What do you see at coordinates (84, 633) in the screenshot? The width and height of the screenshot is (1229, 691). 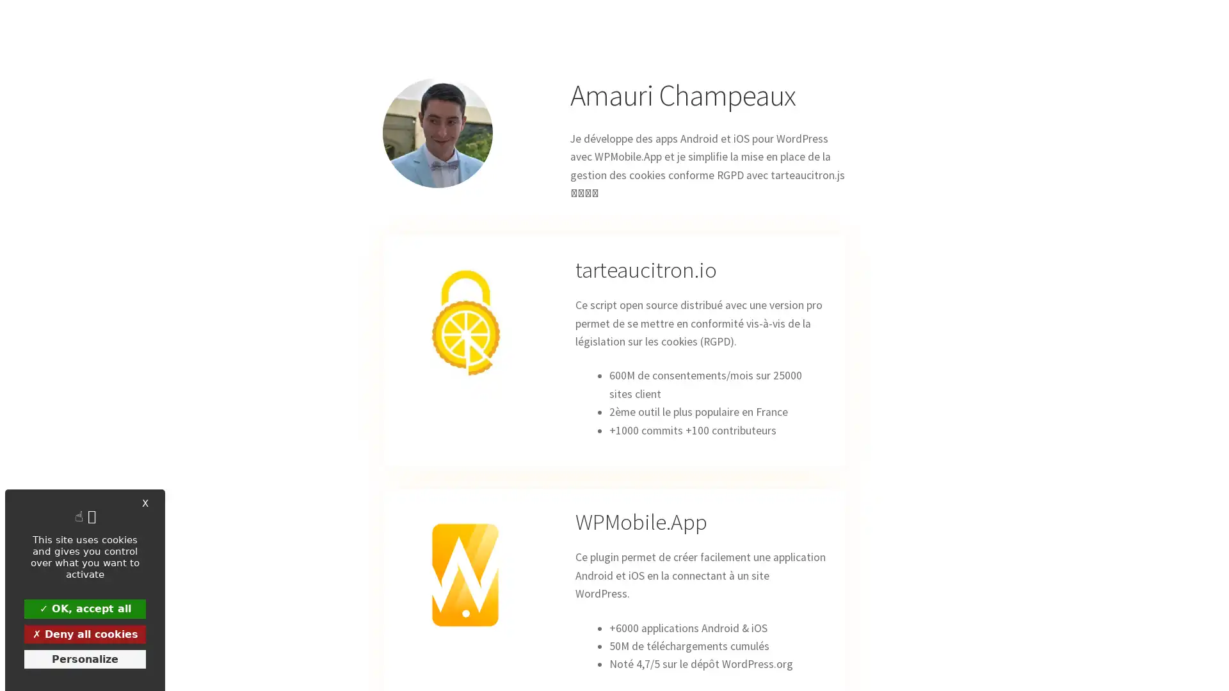 I see `Deny all cookies` at bounding box center [84, 633].